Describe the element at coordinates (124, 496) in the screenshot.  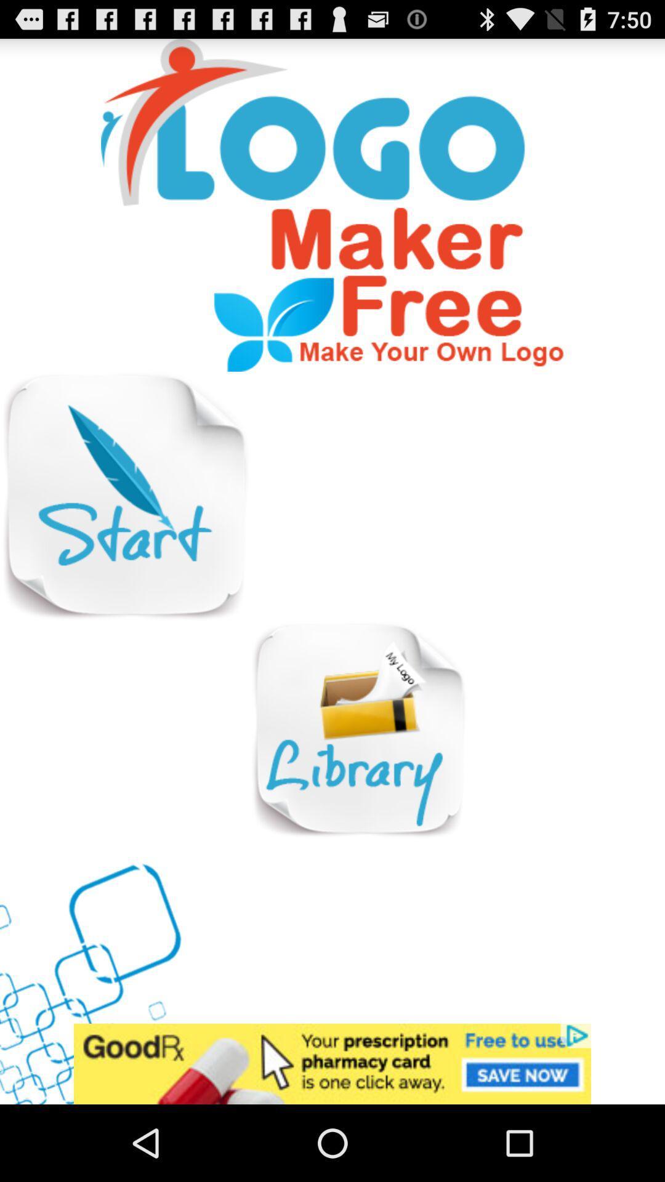
I see `start option` at that location.